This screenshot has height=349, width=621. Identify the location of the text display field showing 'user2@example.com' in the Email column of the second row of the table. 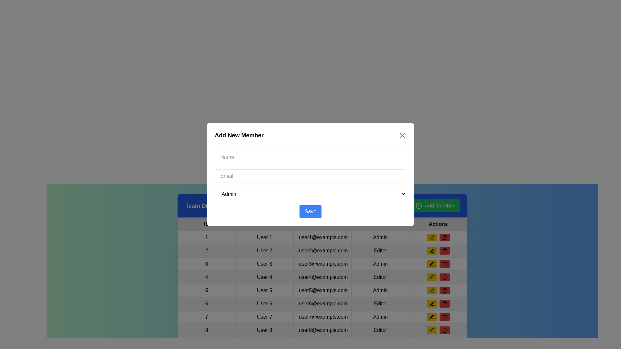
(322, 250).